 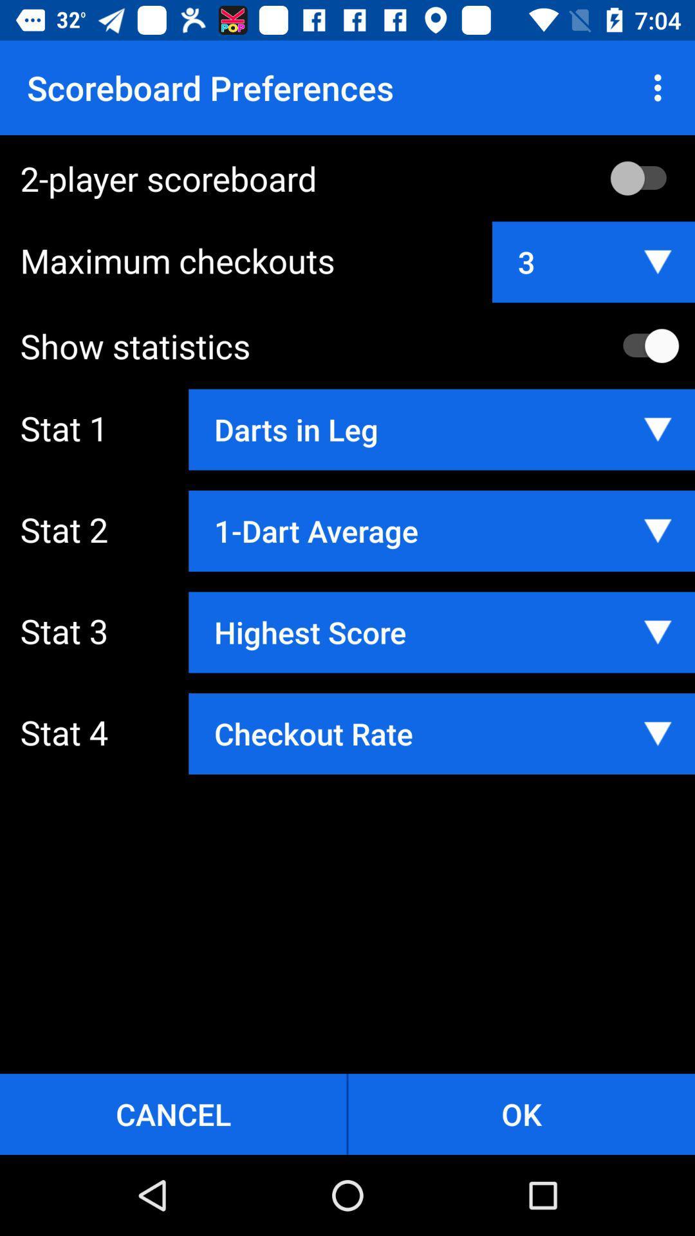 I want to click on the checkout rate icon, so click(x=441, y=734).